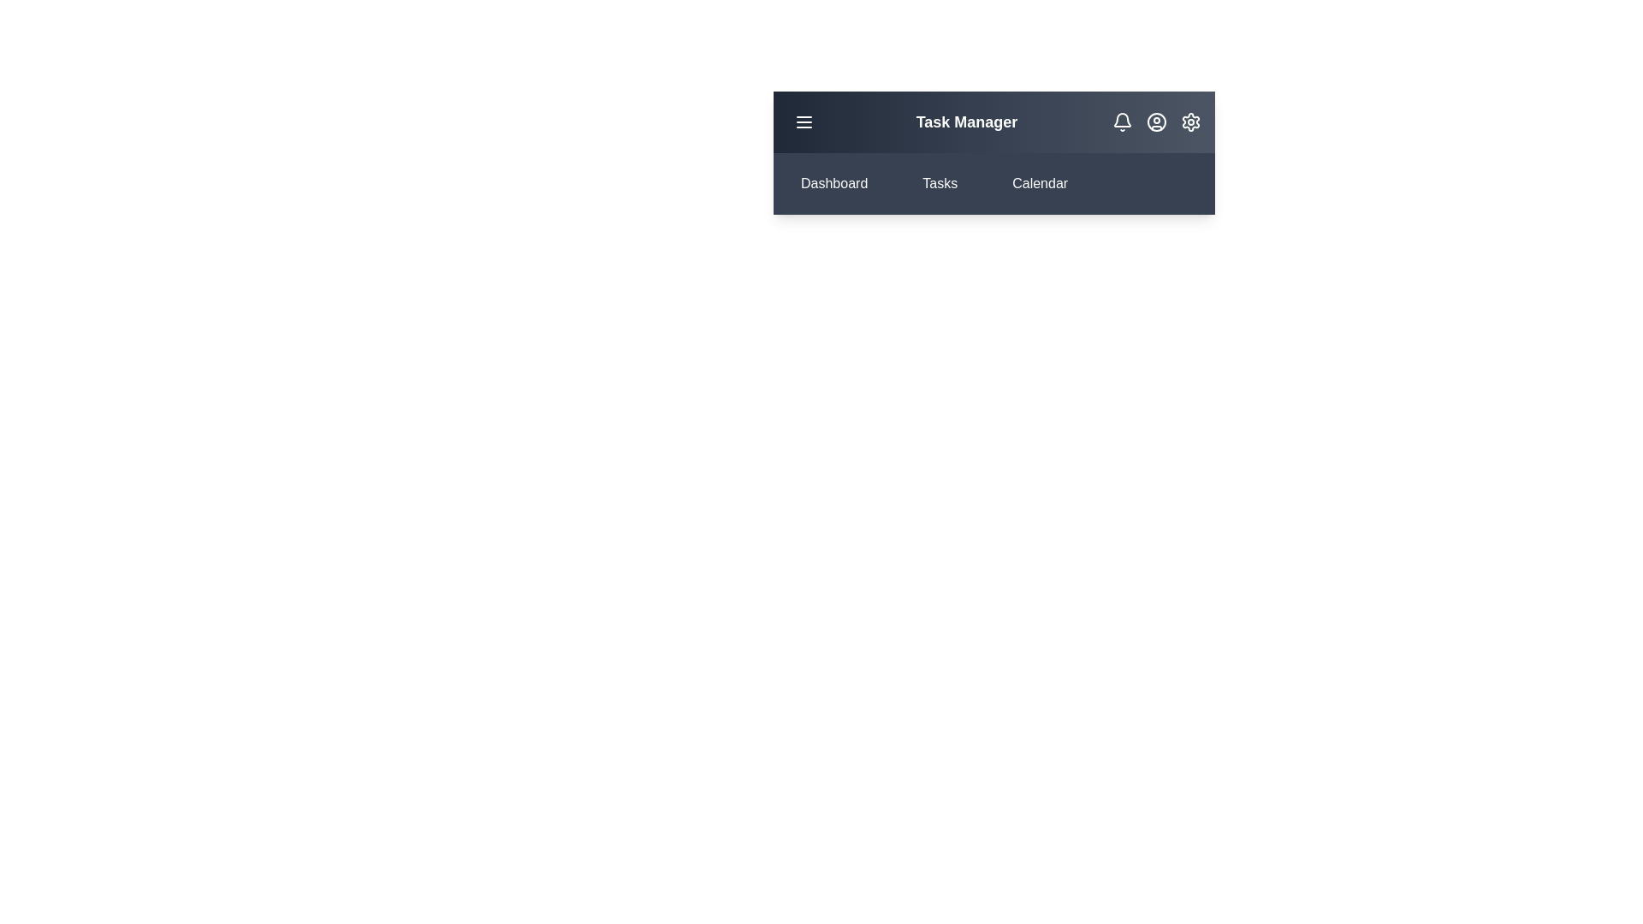 The width and height of the screenshot is (1643, 924). I want to click on the 'Tasks' section to navigate to it, so click(939, 184).